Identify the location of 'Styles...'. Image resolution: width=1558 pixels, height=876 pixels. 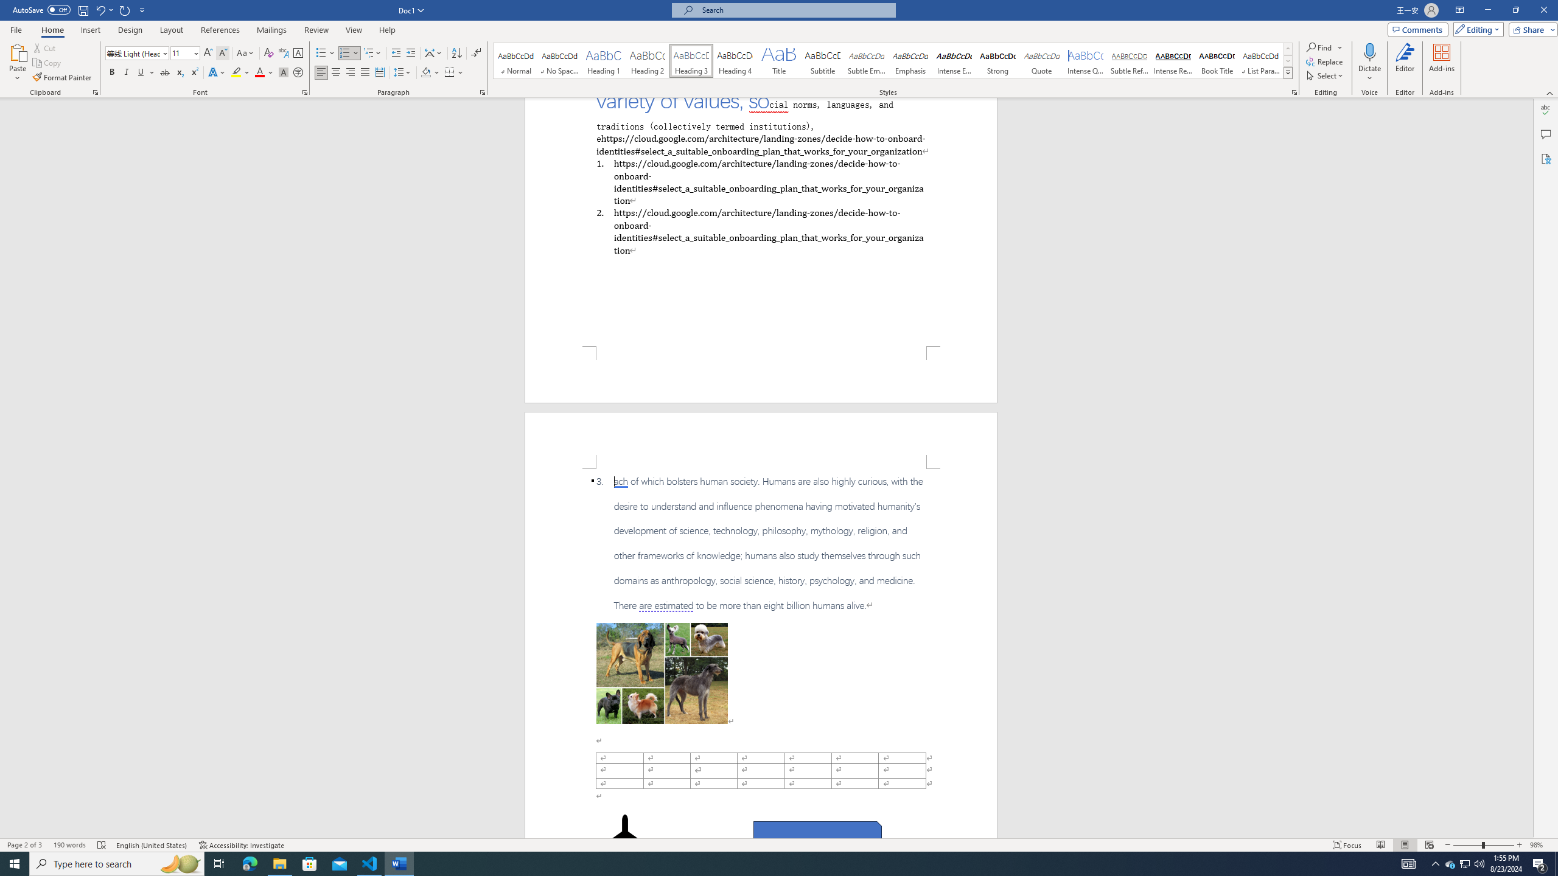
(1294, 91).